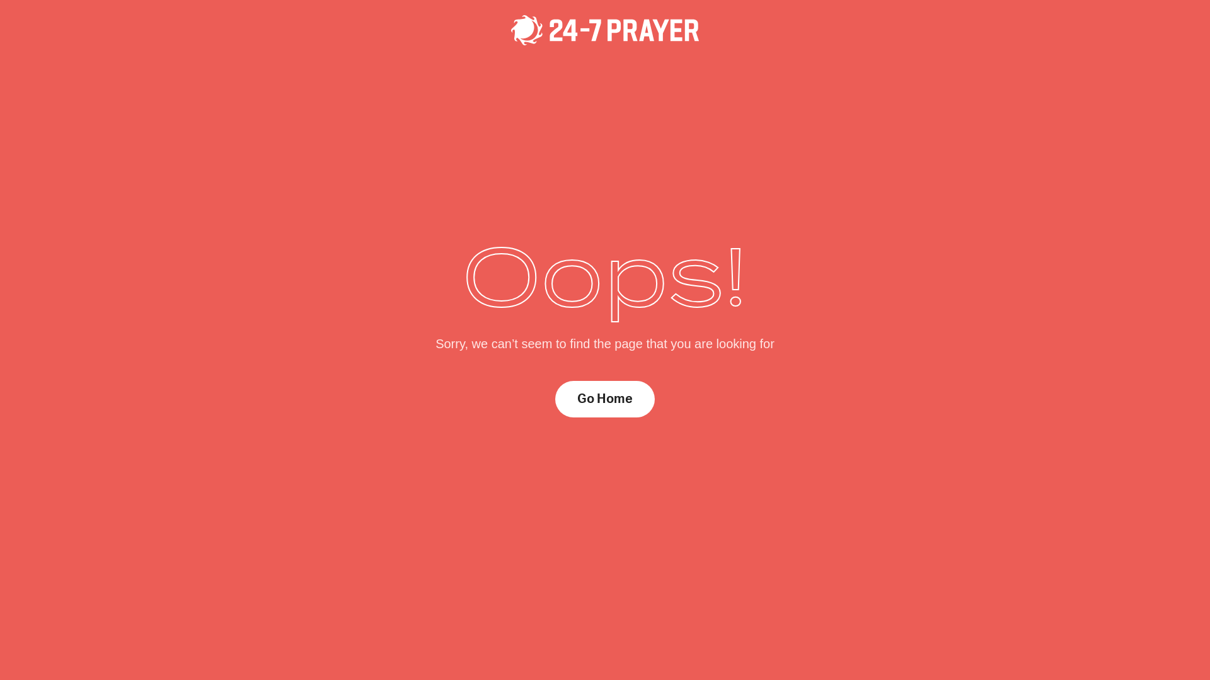  Describe the element at coordinates (605, 399) in the screenshot. I see `'Go Home'` at that location.